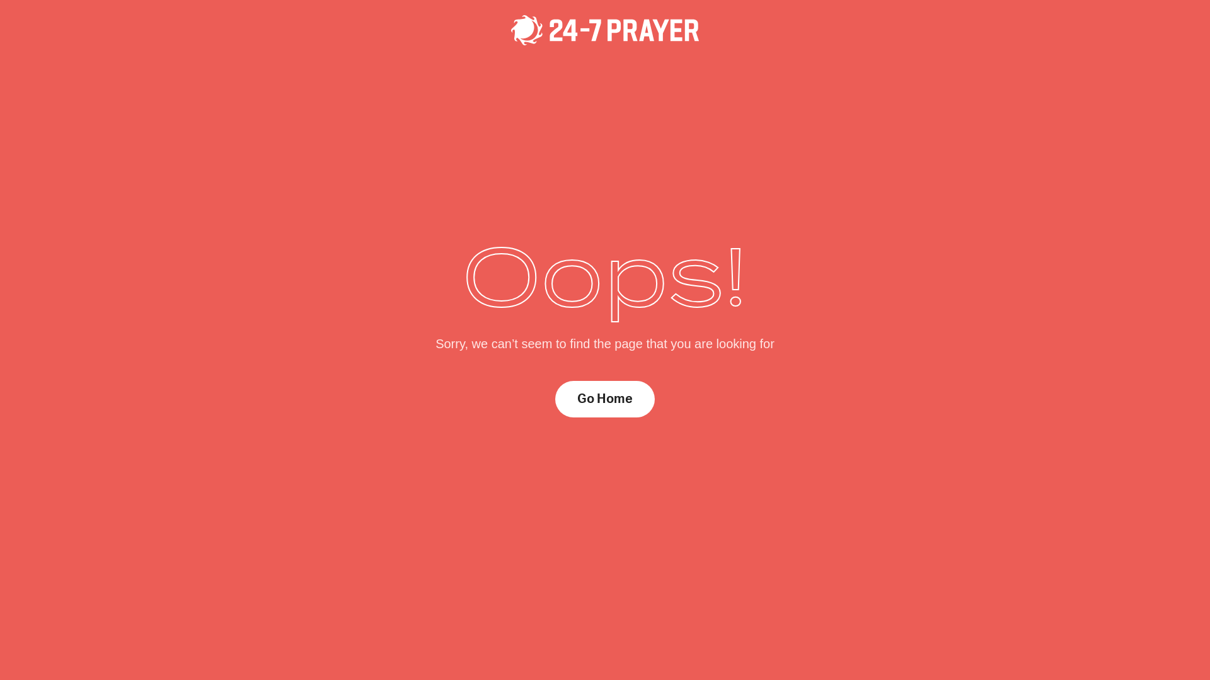  Describe the element at coordinates (605, 399) in the screenshot. I see `'Go Home'` at that location.